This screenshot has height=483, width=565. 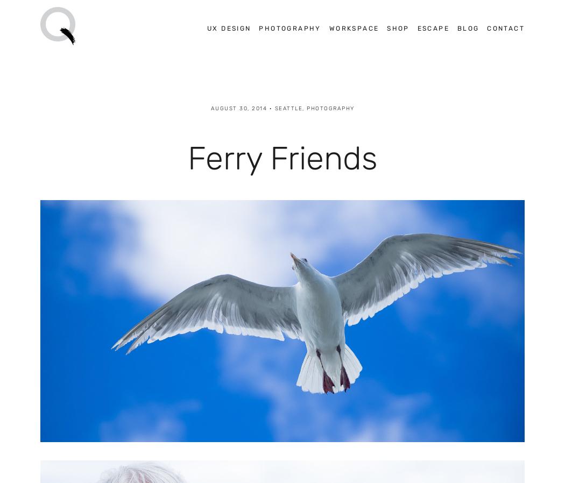 What do you see at coordinates (281, 158) in the screenshot?
I see `'Ferry Friends'` at bounding box center [281, 158].